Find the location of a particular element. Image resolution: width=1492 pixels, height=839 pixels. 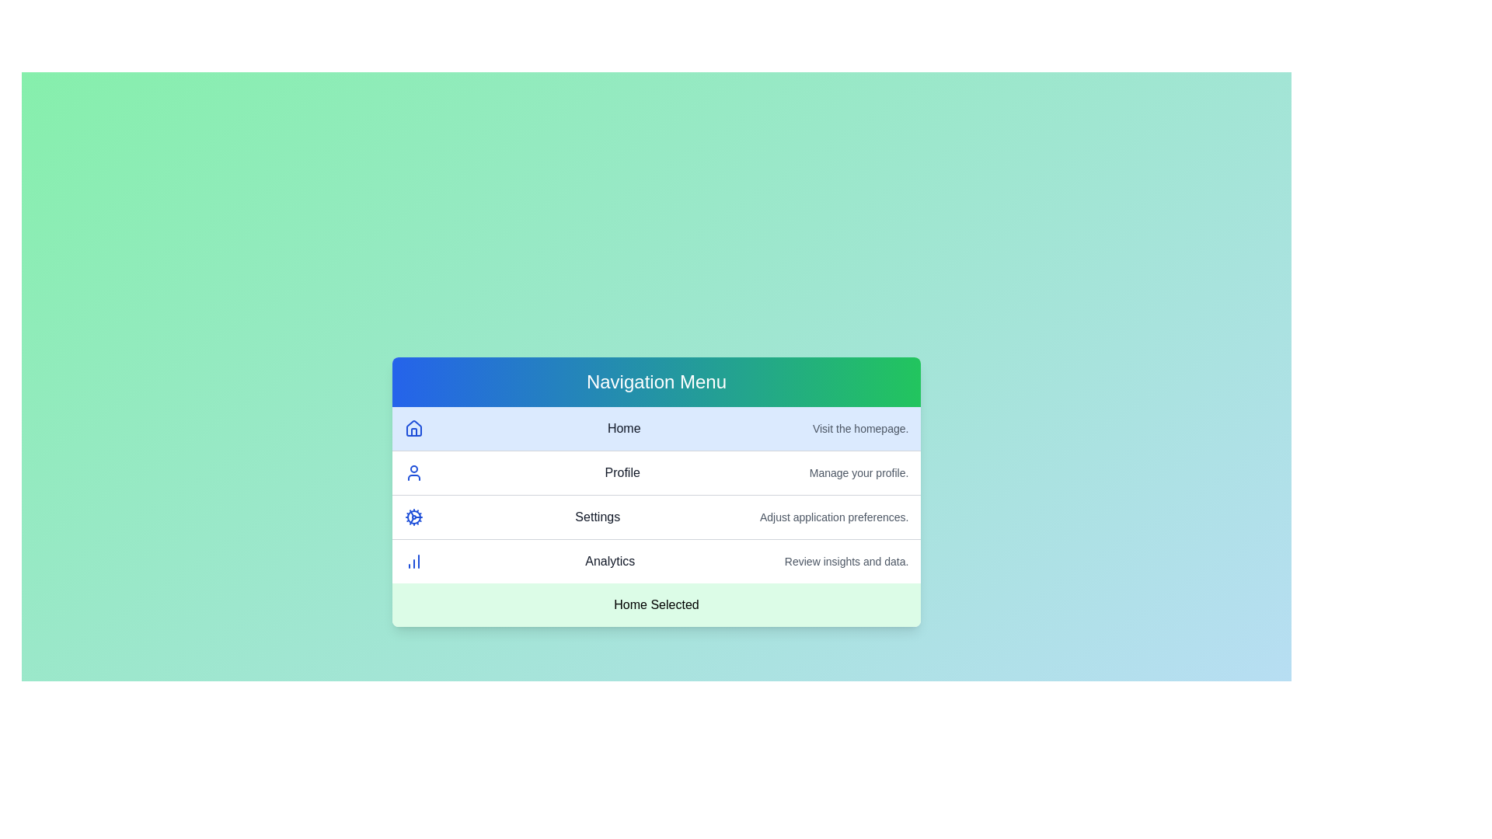

the menu item corresponding to Settings is located at coordinates (656, 516).